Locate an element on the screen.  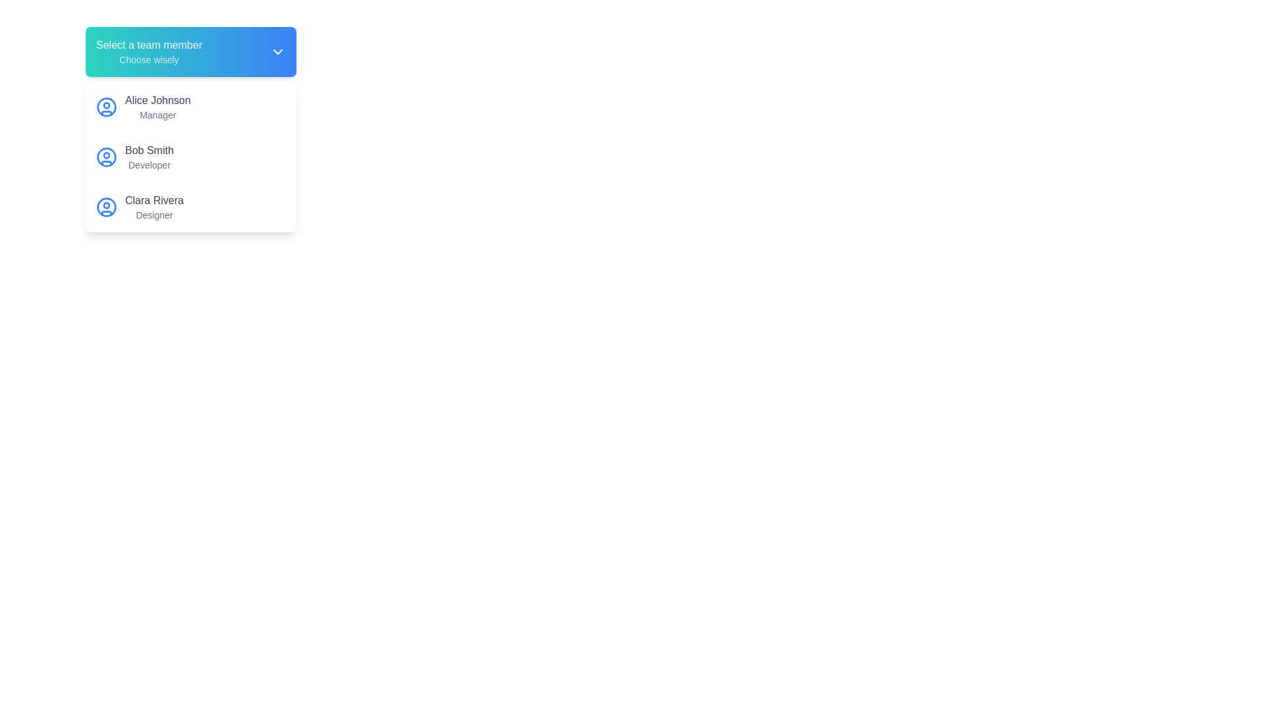
displayed text 'Clara Rivera' from the text label in the dropdown list under 'Select a team member.' is located at coordinates (154, 200).